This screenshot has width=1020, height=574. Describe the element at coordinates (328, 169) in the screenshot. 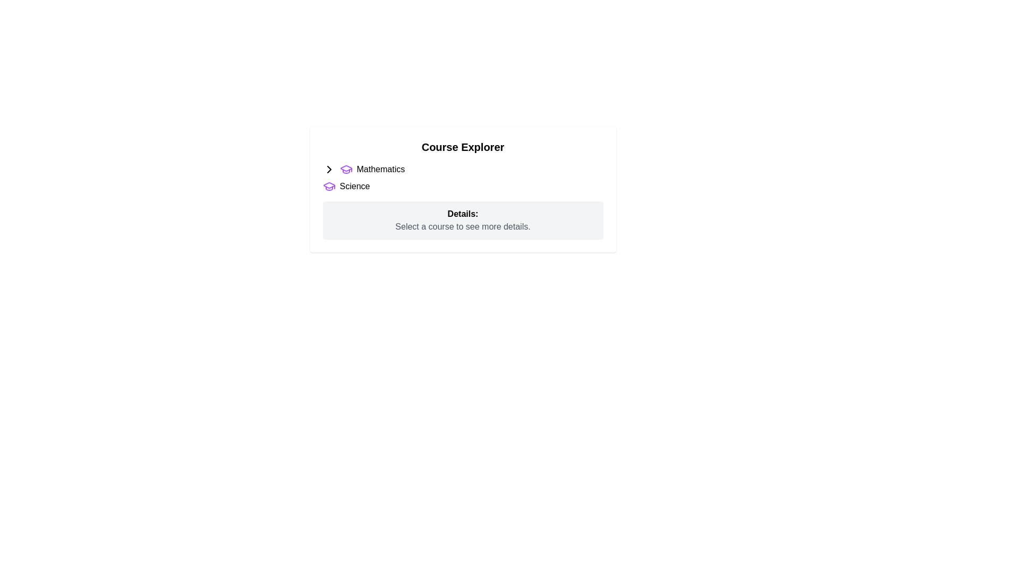

I see `the rightward chevron icon located to the left of the 'Mathematics' text` at that location.